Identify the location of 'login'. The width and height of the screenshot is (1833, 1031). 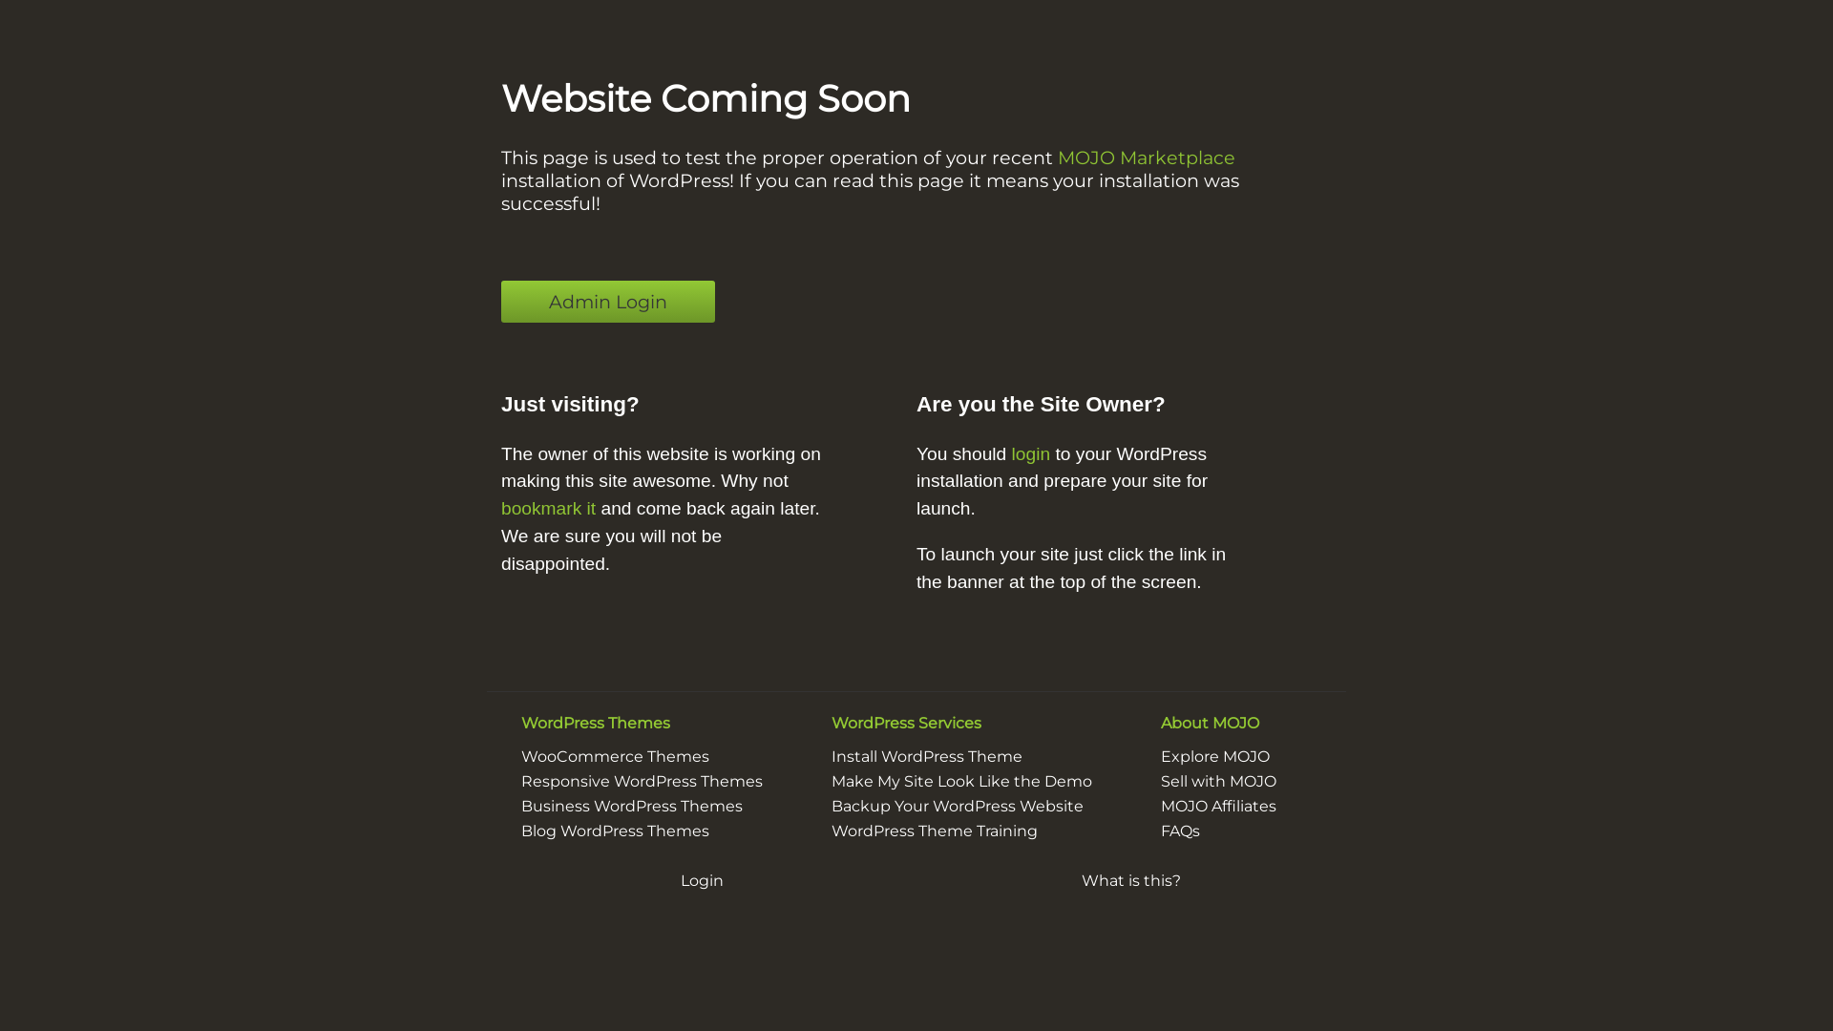
(1030, 453).